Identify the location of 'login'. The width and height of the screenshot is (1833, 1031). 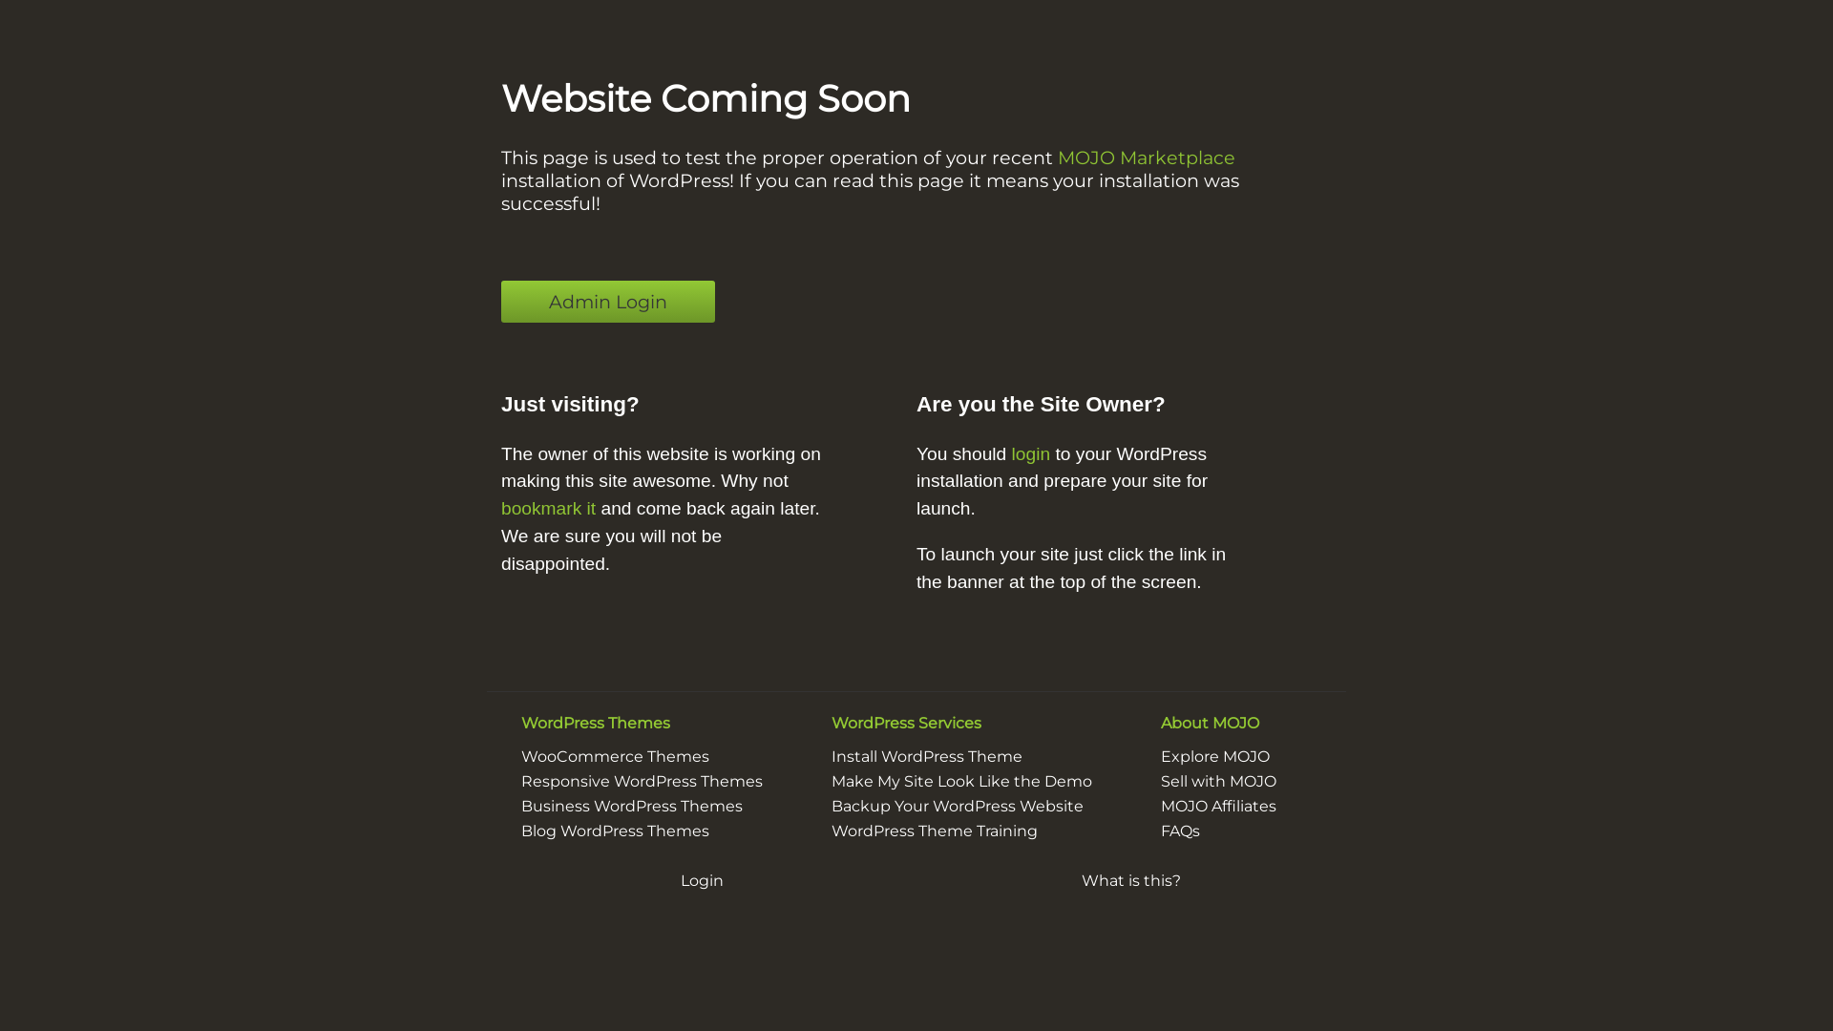
(1030, 453).